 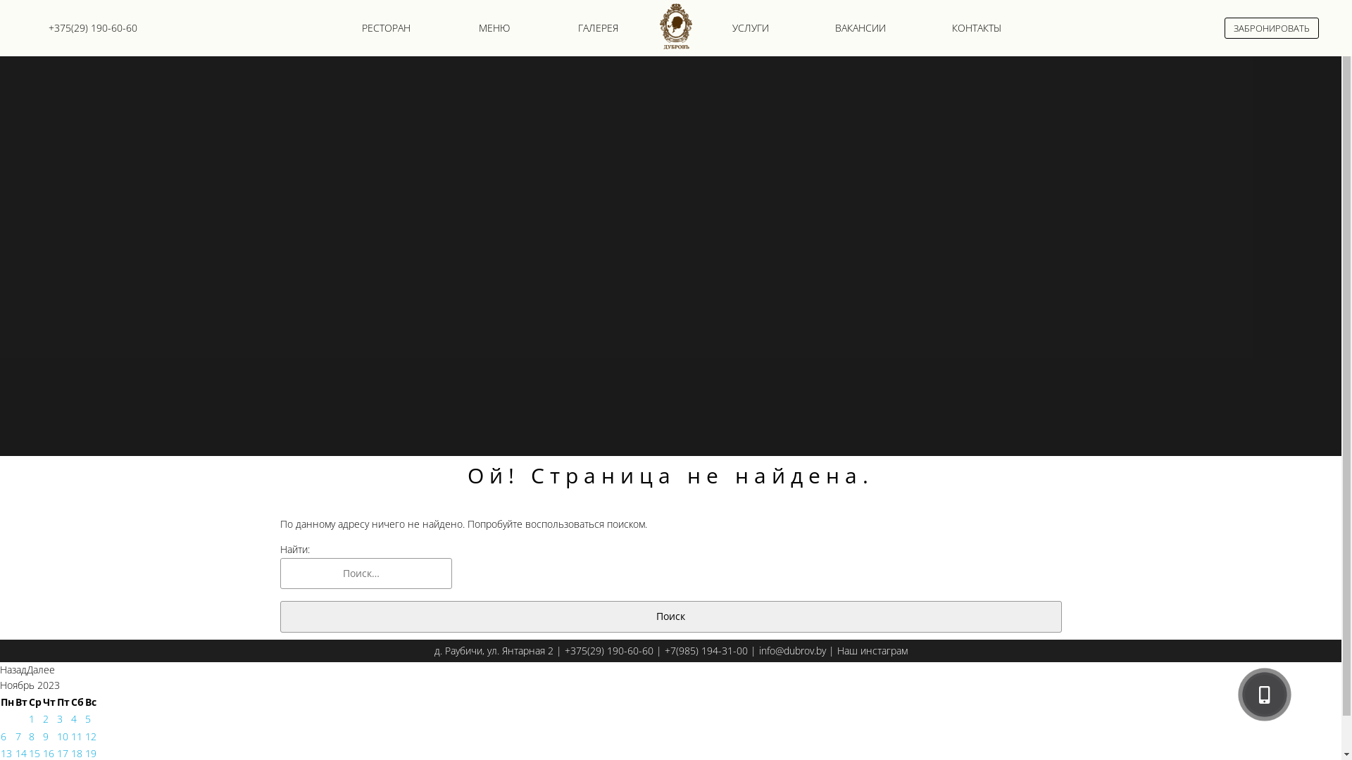 I want to click on '4', so click(x=73, y=718).